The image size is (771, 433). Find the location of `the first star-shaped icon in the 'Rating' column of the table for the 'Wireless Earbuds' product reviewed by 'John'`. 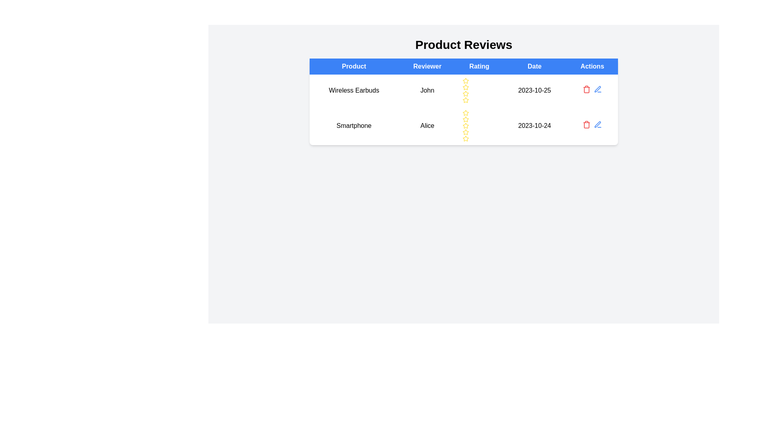

the first star-shaped icon in the 'Rating' column of the table for the 'Wireless Earbuds' product reviewed by 'John' is located at coordinates (466, 87).